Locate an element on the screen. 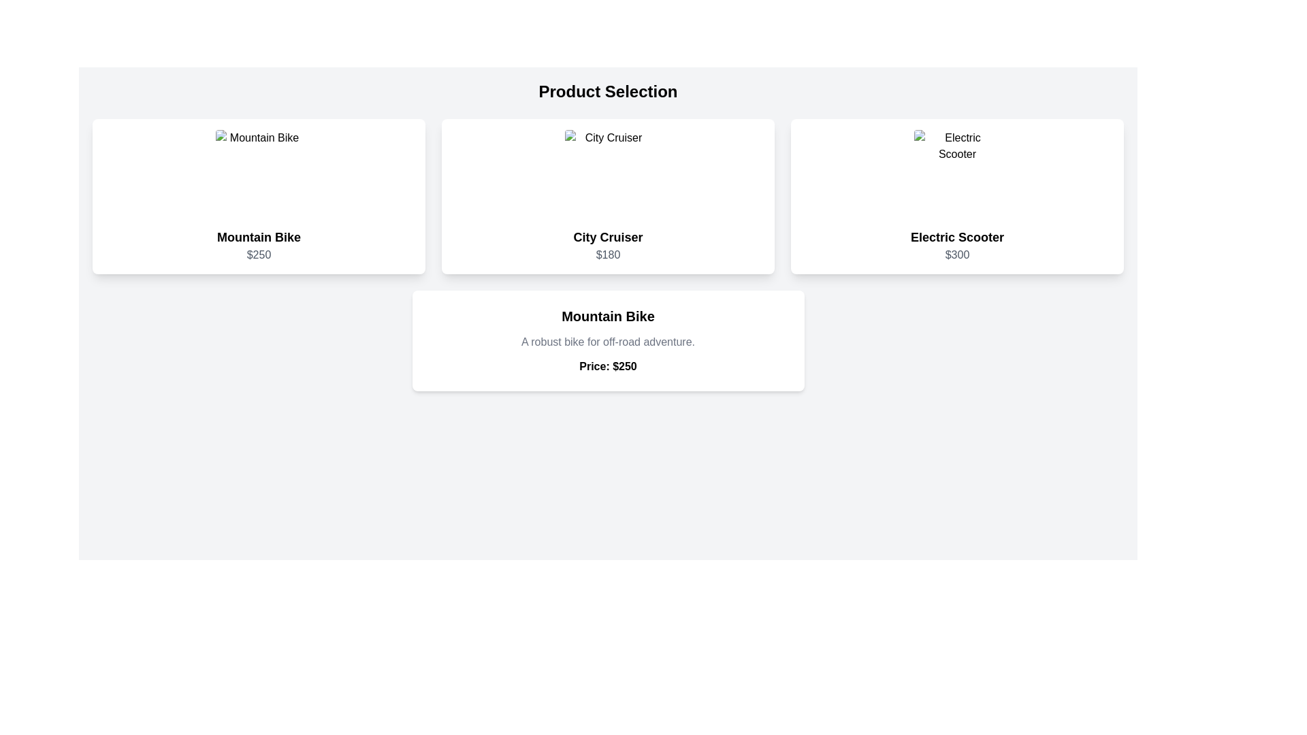  the text label displaying 'Electric Scooter', which is centrally placed above the '$300' text is located at coordinates (956, 236).